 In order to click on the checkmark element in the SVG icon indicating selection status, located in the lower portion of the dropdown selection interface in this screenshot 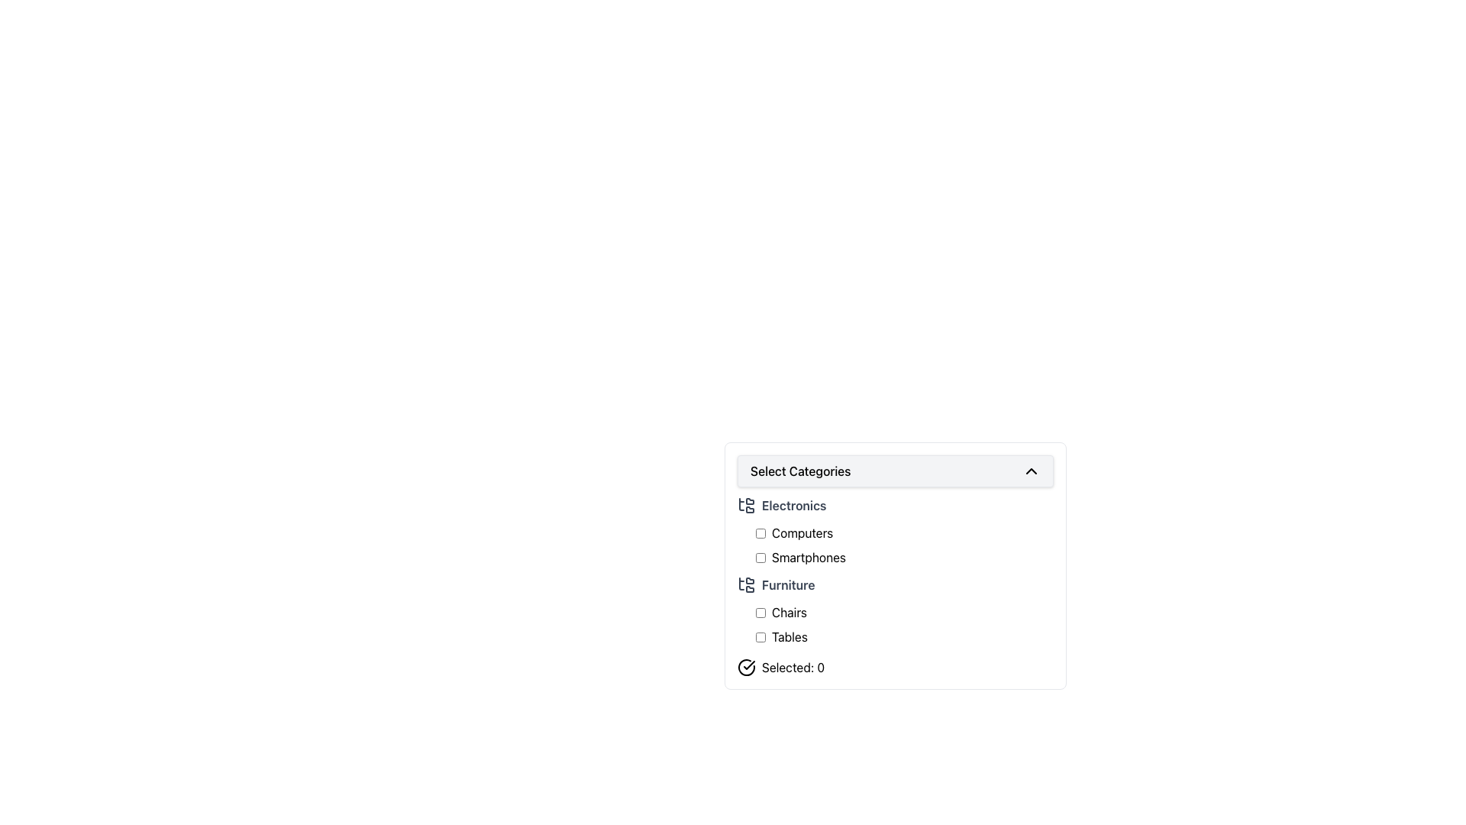, I will do `click(749, 665)`.